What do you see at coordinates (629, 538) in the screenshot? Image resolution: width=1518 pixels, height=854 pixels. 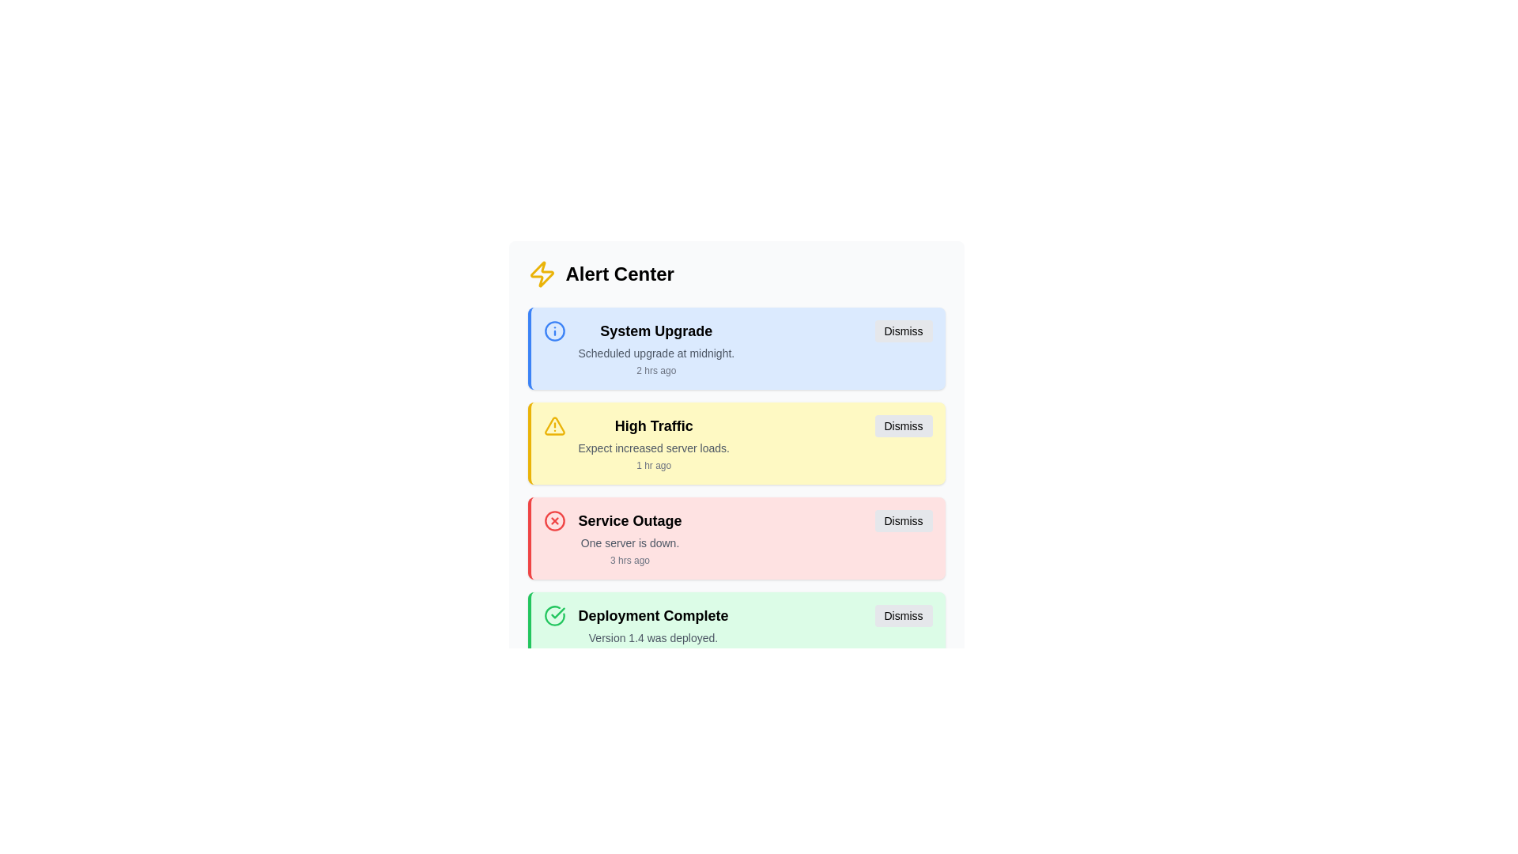 I see `text content of the multi-line notification message in the alert notification with a bold header 'Service Outage' and descriptive text 'One server is down.'` at bounding box center [629, 538].